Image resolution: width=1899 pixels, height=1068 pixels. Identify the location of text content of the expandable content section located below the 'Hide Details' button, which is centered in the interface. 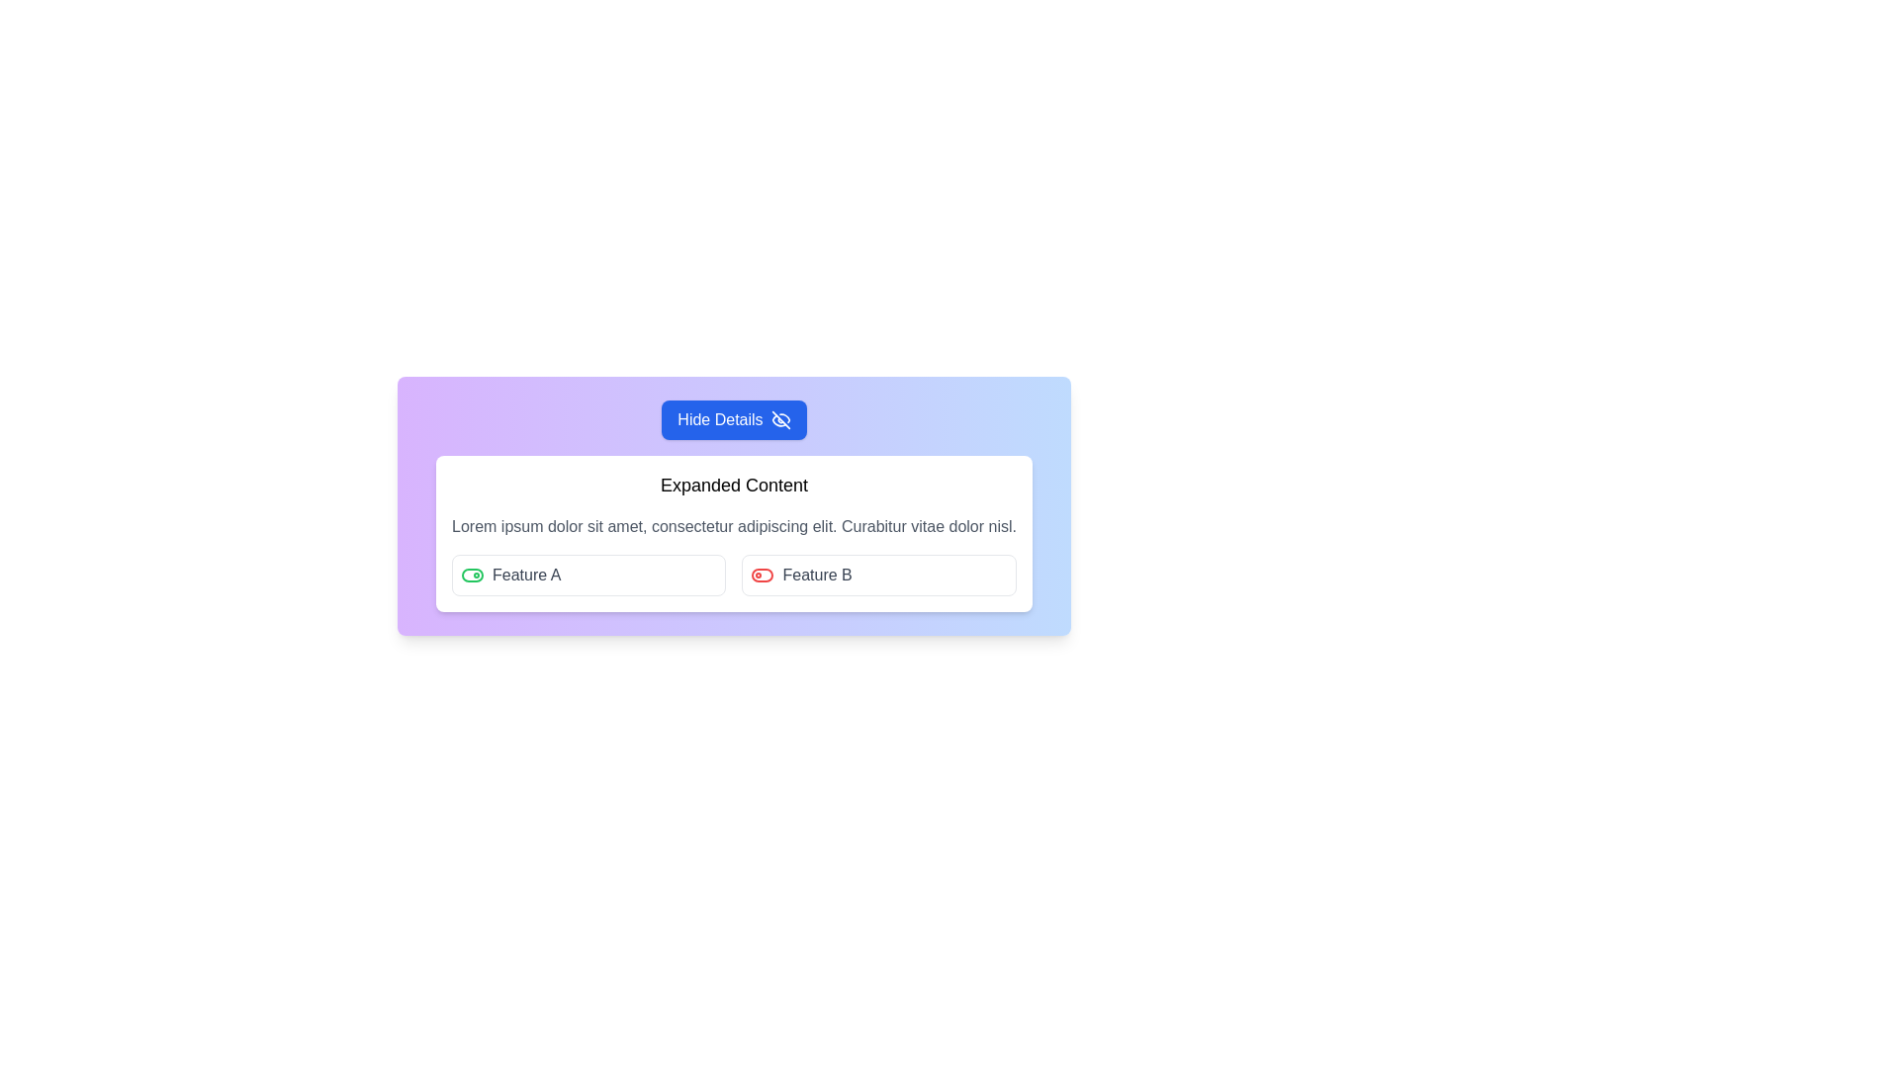
(733, 534).